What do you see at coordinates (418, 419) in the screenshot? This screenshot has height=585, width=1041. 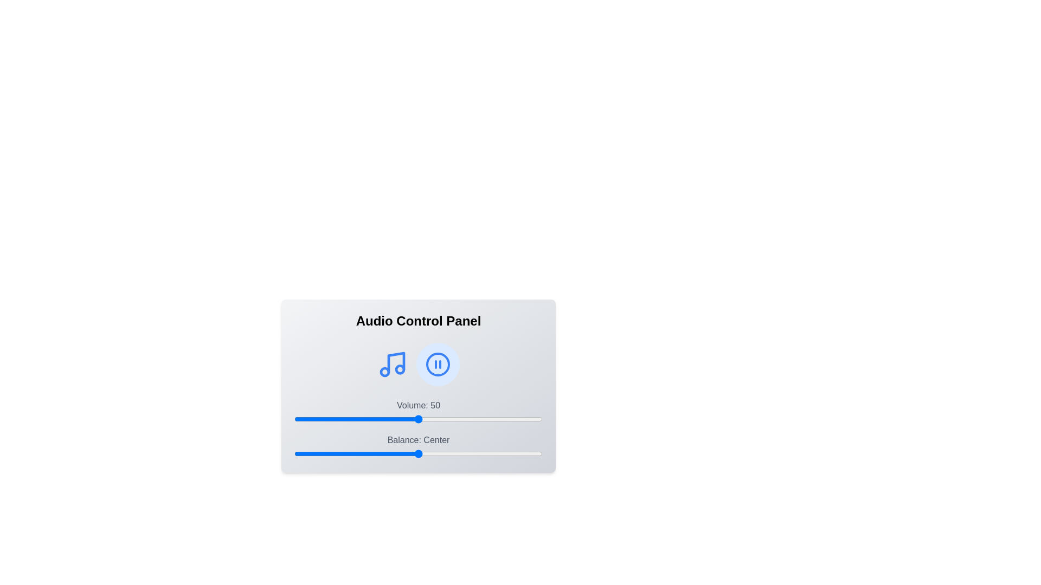 I see `the horizontal slider with a blue bar indicating the current value of 50 to indicate interactivity` at bounding box center [418, 419].